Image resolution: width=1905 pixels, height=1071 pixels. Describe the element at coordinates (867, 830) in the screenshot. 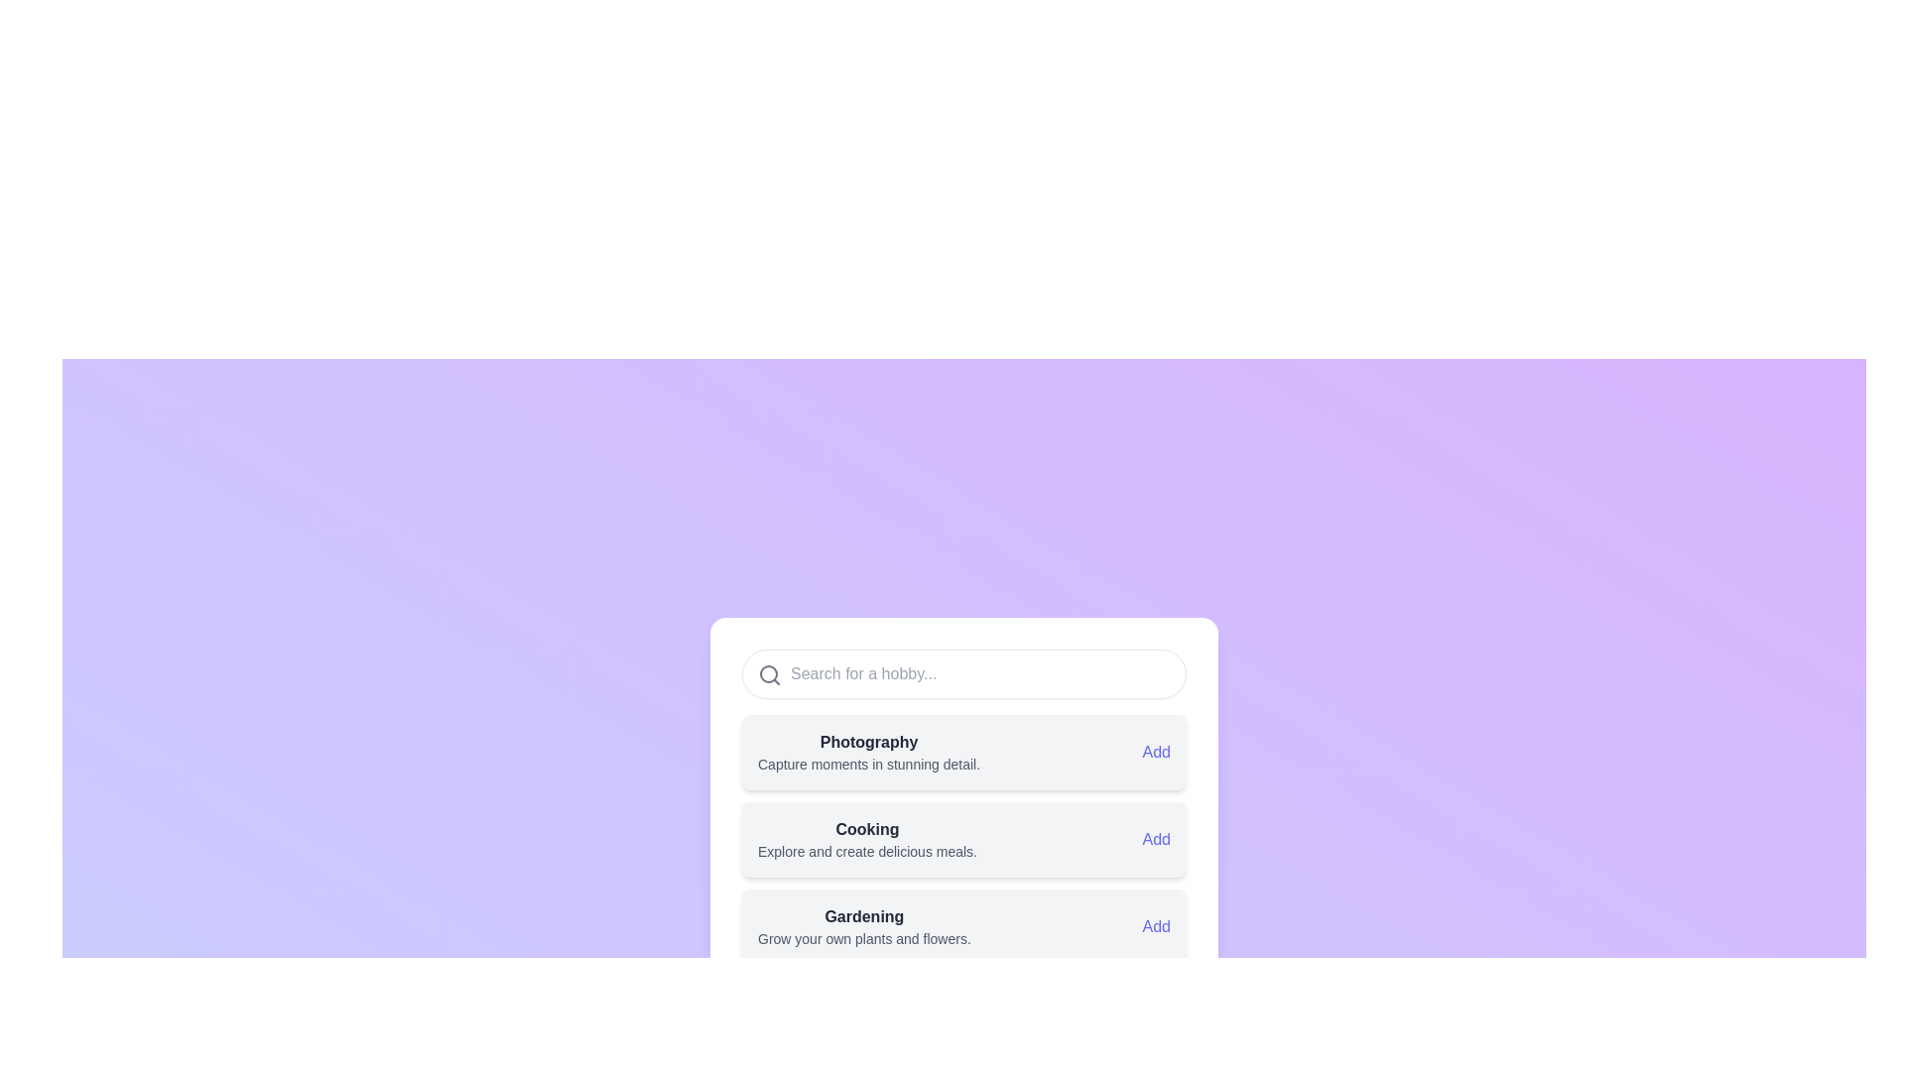

I see `text label displaying 'Cooking', which is a bold heading styled with a dark font color on a light background, located in the middle of a vertically arranged list of selectable options` at that location.